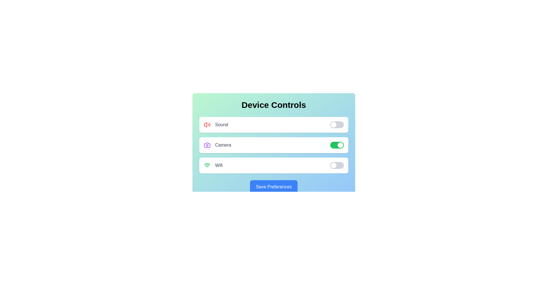  I want to click on the Camera control switch to toggle its state, so click(337, 145).